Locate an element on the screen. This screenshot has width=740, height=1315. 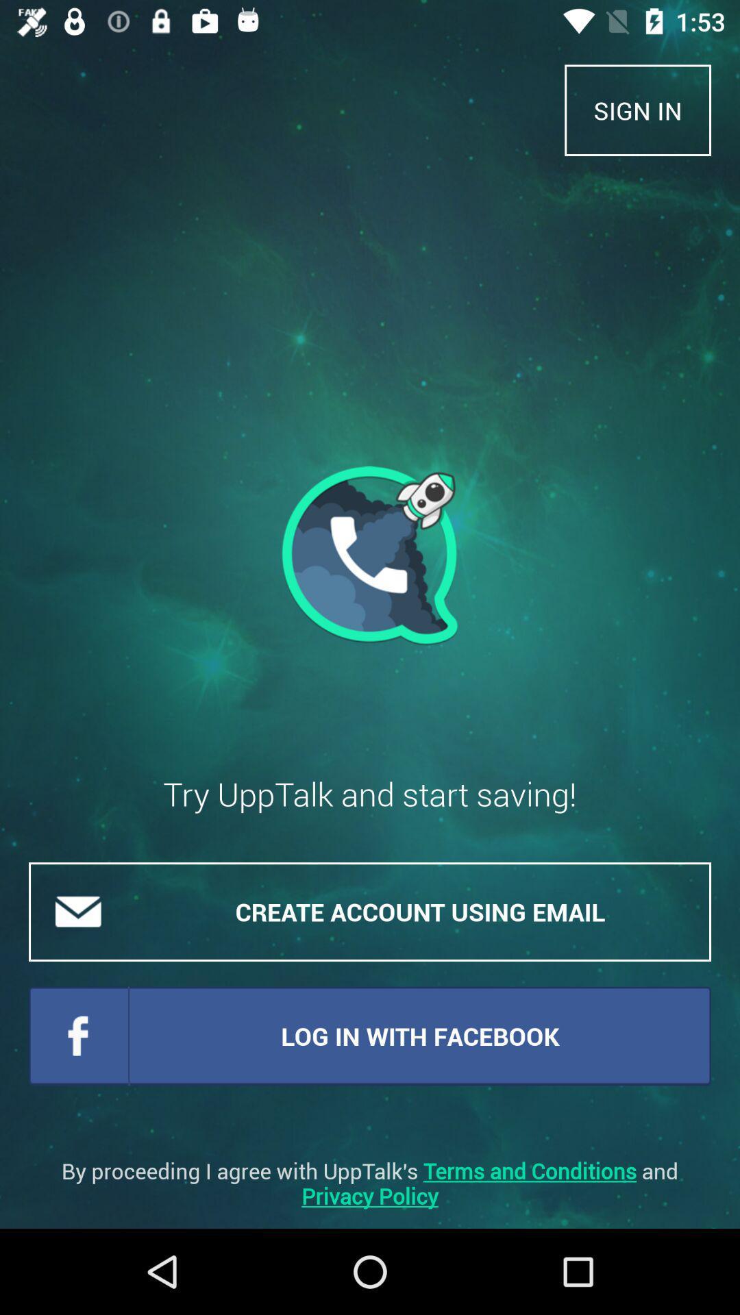
item above try upptalk and is located at coordinates (638, 110).